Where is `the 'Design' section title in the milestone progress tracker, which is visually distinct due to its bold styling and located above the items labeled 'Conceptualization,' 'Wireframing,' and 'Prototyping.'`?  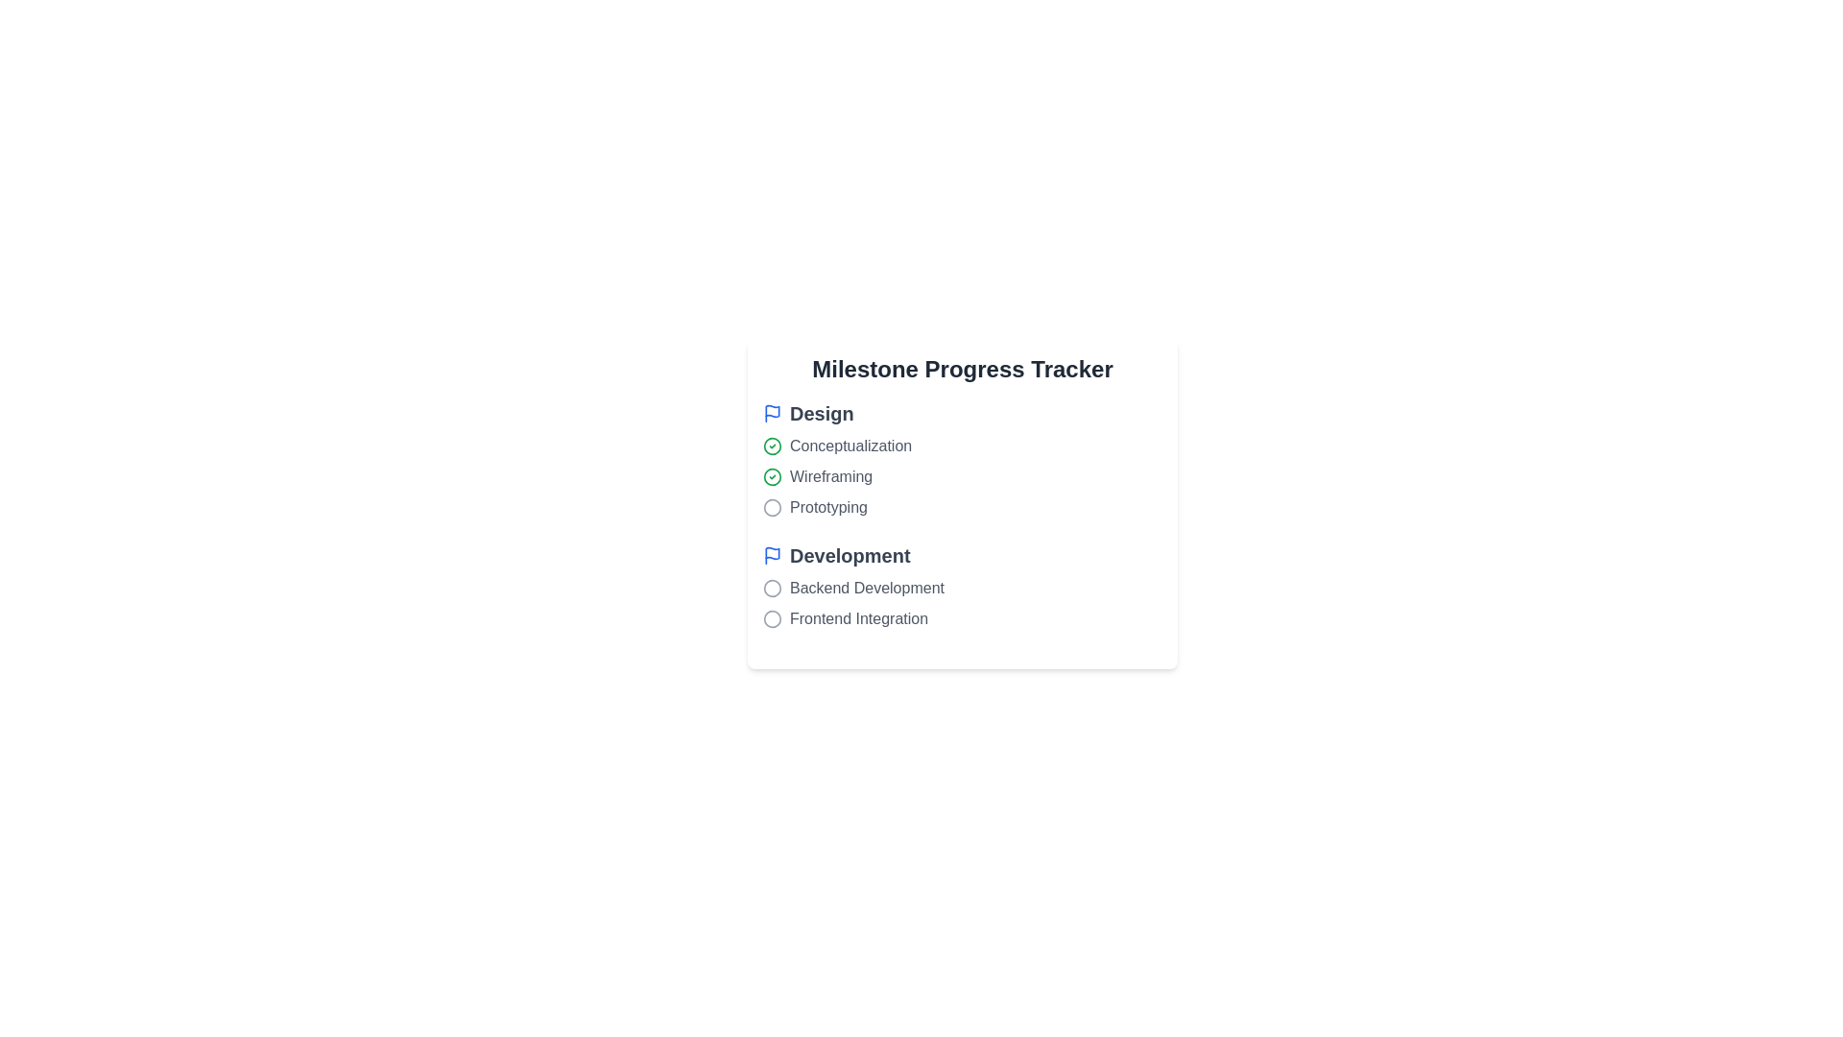 the 'Design' section title in the milestone progress tracker, which is visually distinct due to its bold styling and located above the items labeled 'Conceptualization,' 'Wireframing,' and 'Prototyping.' is located at coordinates (963, 413).